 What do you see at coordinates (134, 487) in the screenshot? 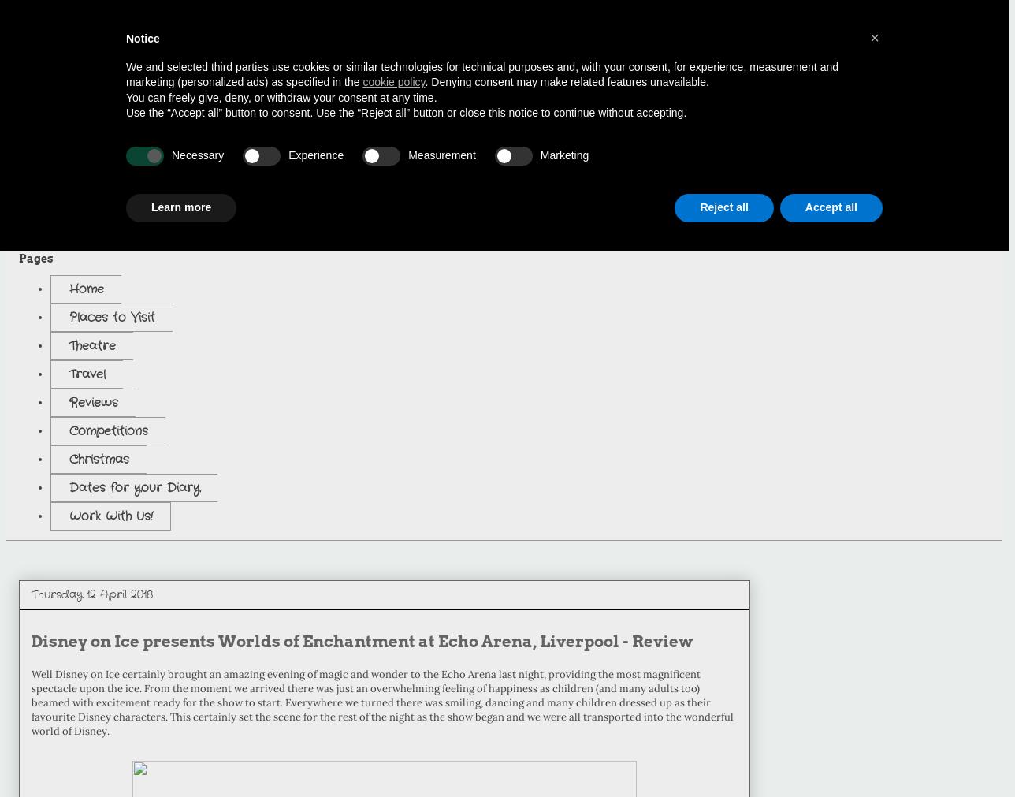
I see `'Dates for your Diary'` at bounding box center [134, 487].